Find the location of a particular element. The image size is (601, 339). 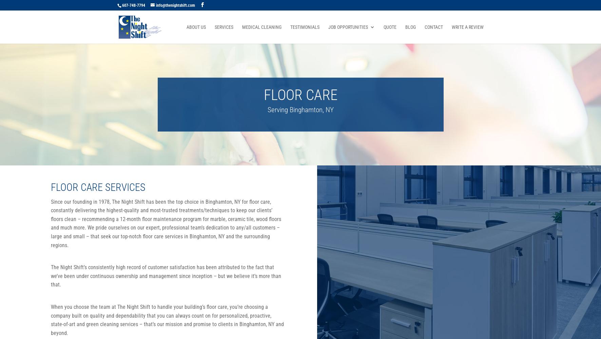

'Medical Cleaning' is located at coordinates (261, 27).